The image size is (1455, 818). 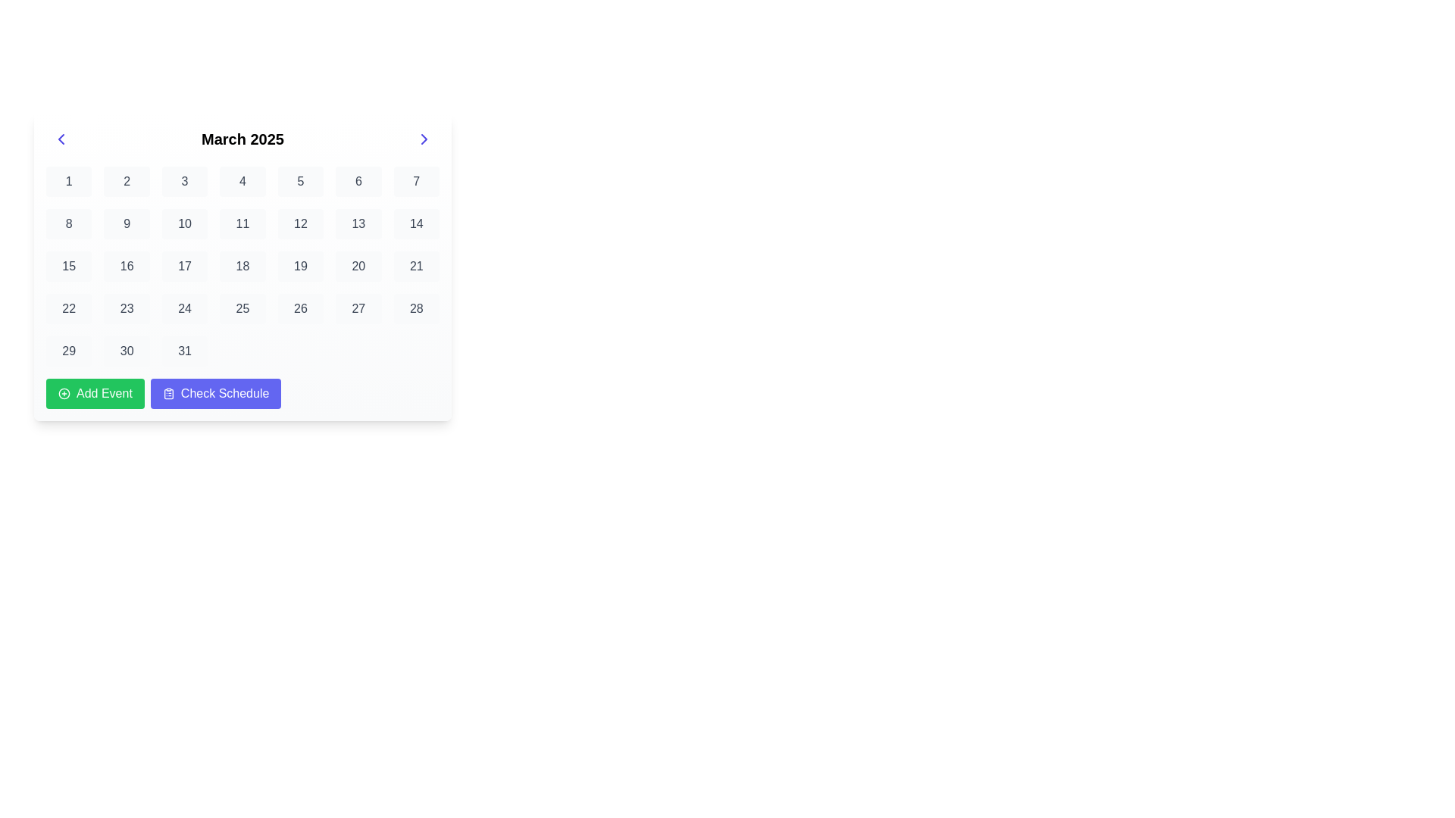 I want to click on the calendar cell displaying the number '1', so click(x=68, y=180).